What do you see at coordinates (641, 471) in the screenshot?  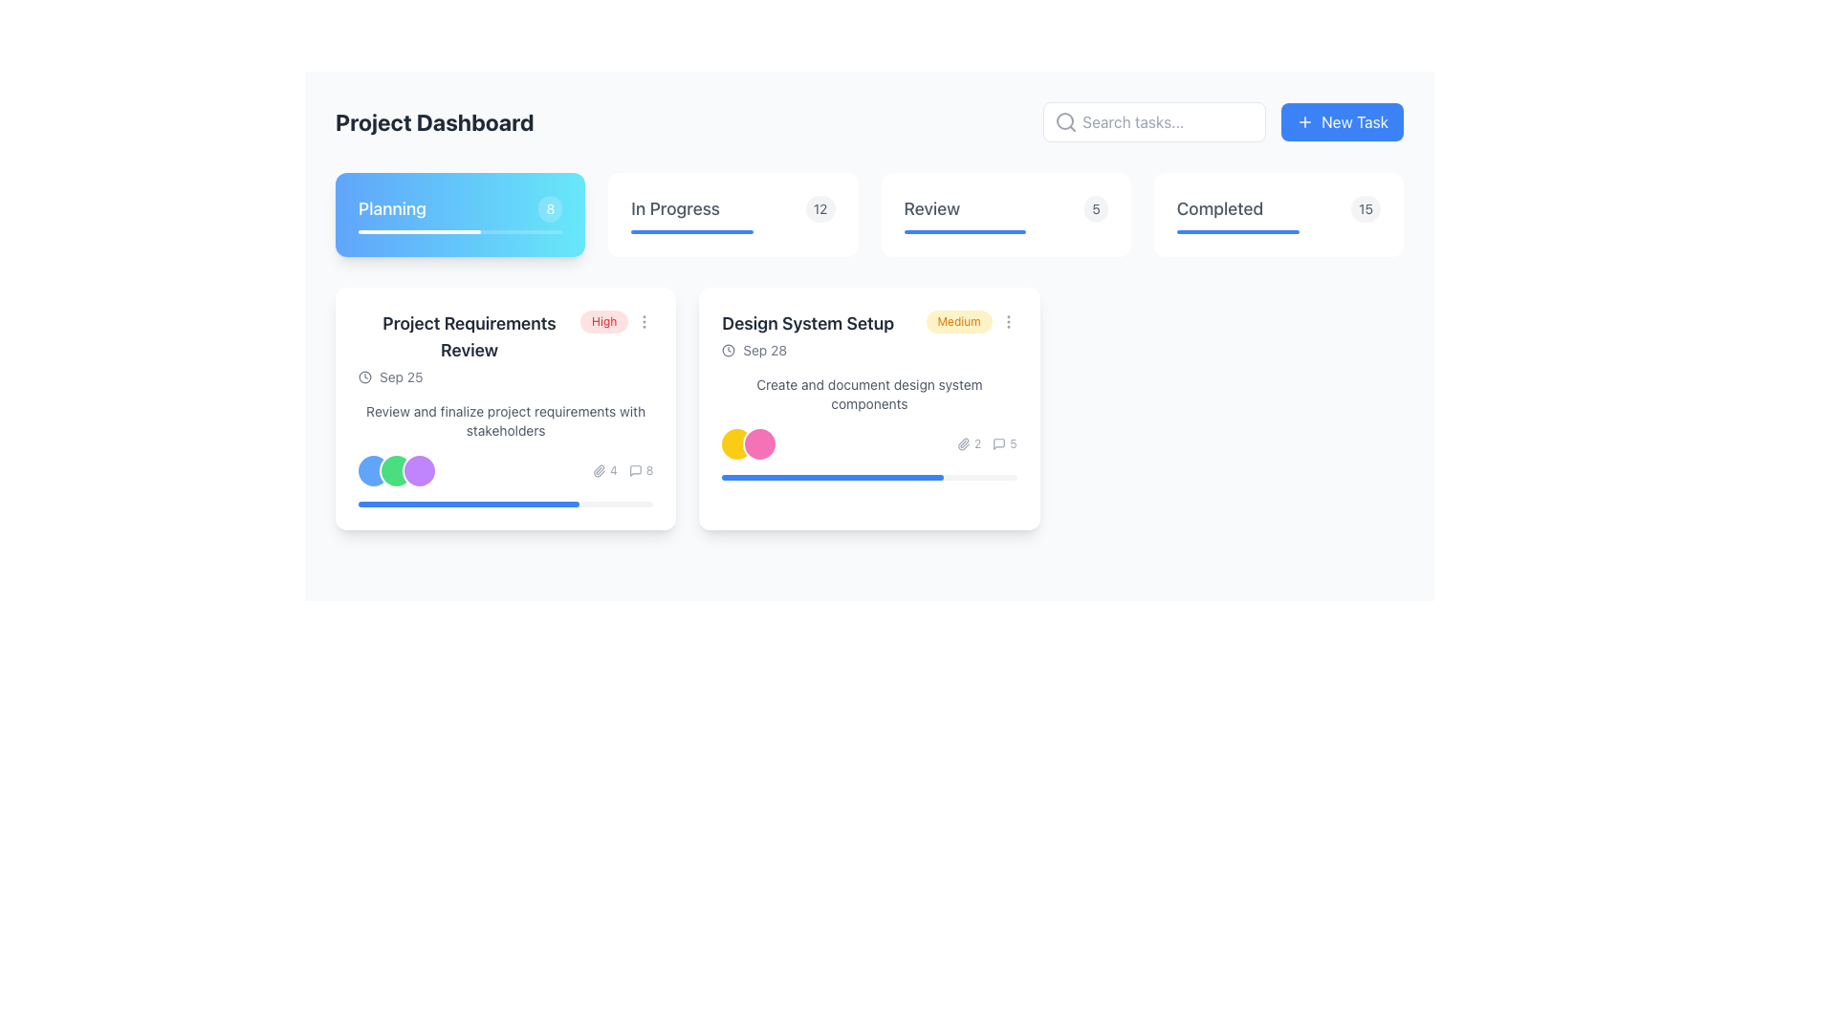 I see `the Comment indicator displaying the number of comments located in the lower right section of the 'Project Requirements Review' card, next to a paperclip icon and the number '4'` at bounding box center [641, 471].